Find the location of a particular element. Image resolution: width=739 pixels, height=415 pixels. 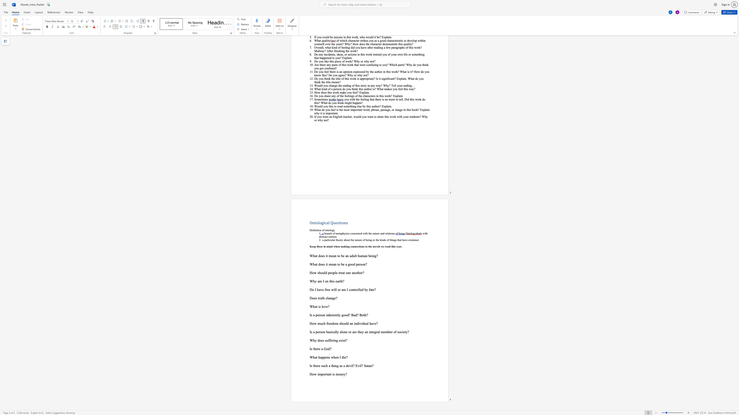

the subset text "y alon" within the text "basically alone" is located at coordinates (337, 332).